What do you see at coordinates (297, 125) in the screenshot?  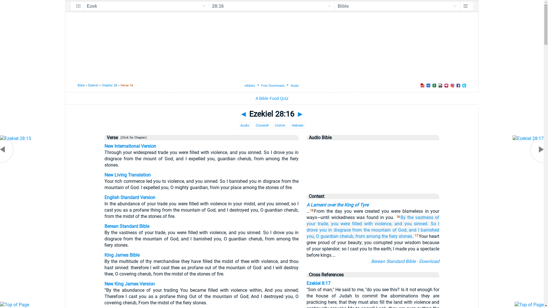 I see `' Hebrew '` at bounding box center [297, 125].